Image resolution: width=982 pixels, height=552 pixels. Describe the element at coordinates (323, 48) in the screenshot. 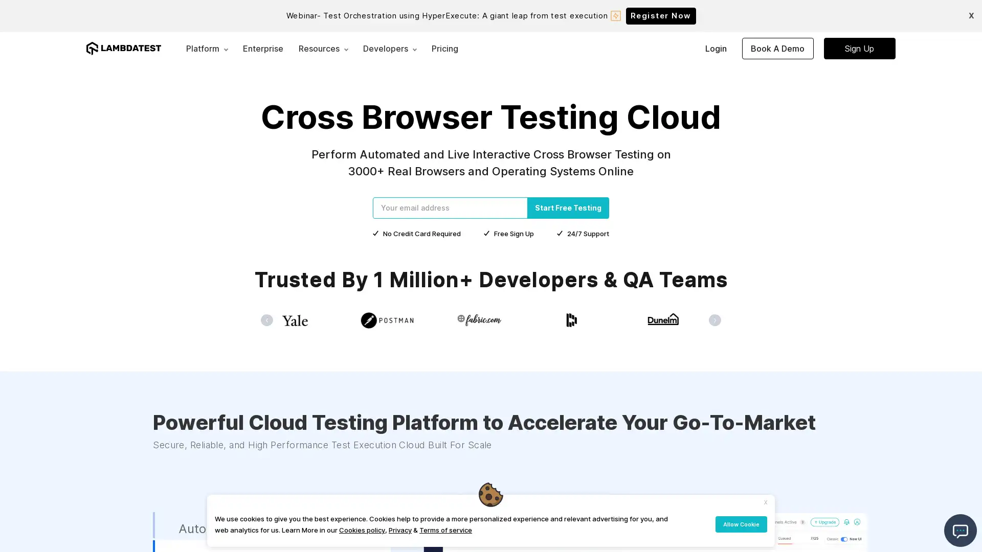

I see `Resources` at that location.